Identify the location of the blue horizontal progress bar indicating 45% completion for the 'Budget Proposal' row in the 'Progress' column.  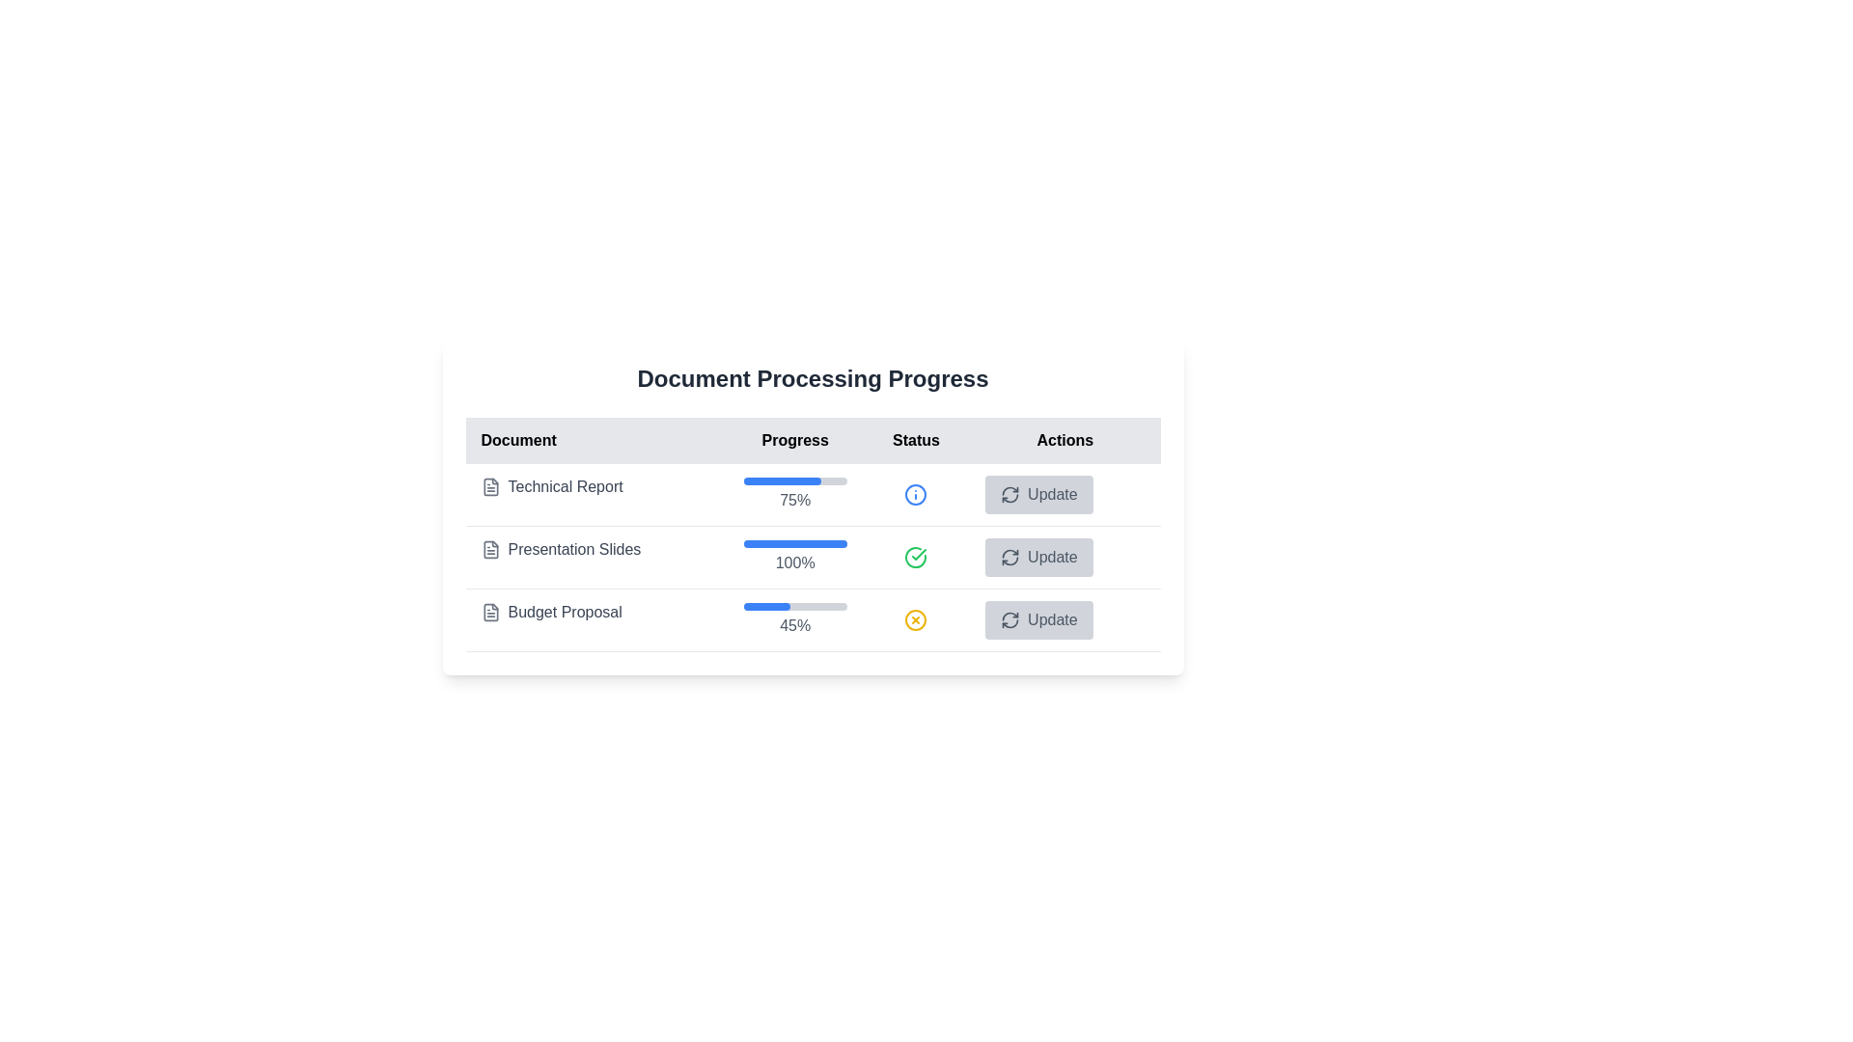
(765, 605).